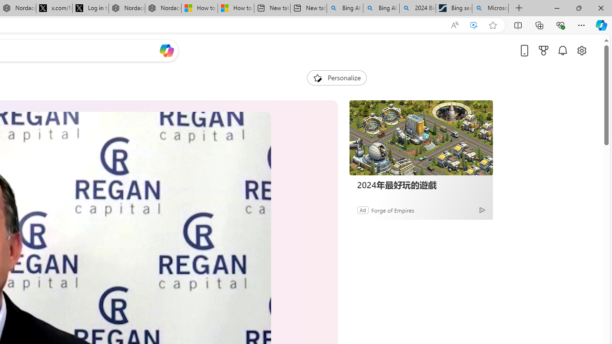  Describe the element at coordinates (581, 50) in the screenshot. I see `'Open settings'` at that location.